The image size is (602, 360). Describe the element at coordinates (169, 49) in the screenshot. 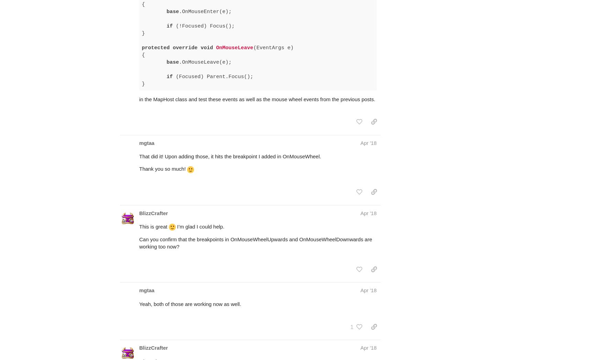

I see `'if'` at that location.